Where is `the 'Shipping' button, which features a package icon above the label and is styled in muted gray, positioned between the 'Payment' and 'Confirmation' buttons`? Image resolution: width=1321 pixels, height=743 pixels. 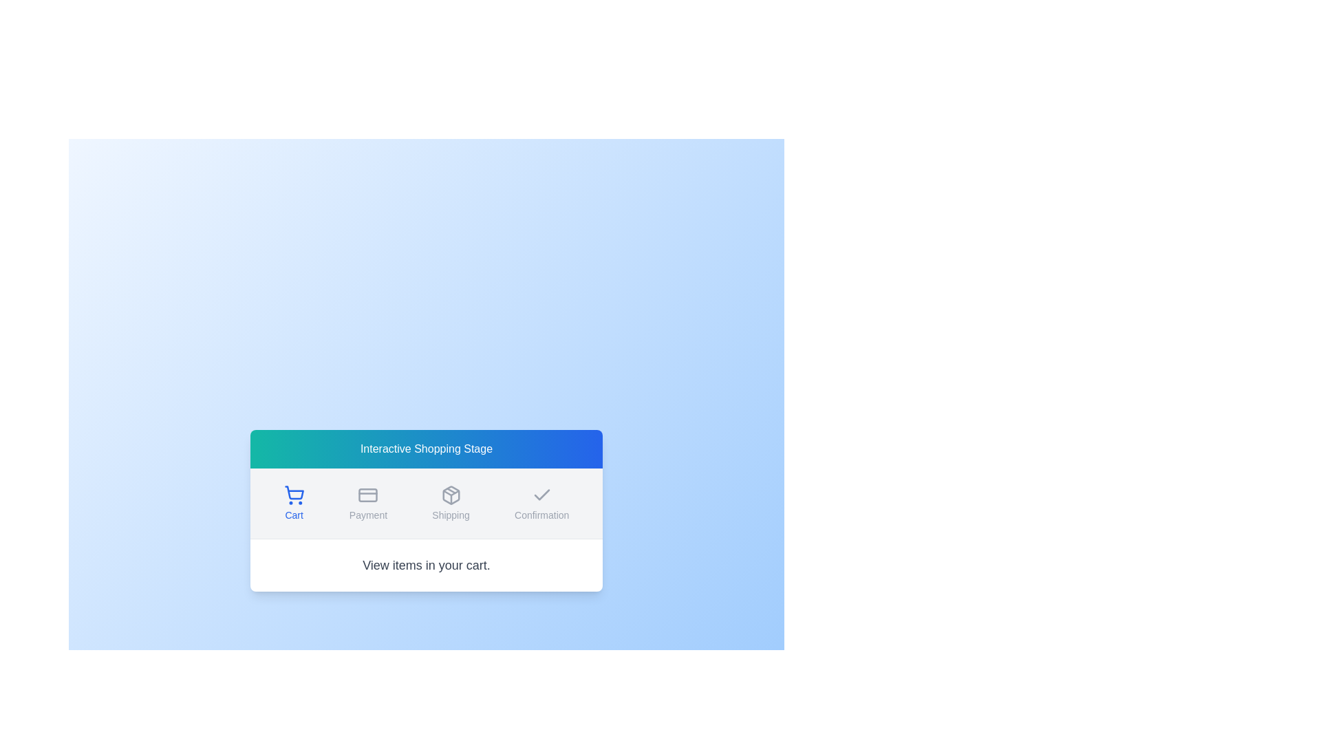 the 'Shipping' button, which features a package icon above the label and is styled in muted gray, positioned between the 'Payment' and 'Confirmation' buttons is located at coordinates (451, 503).